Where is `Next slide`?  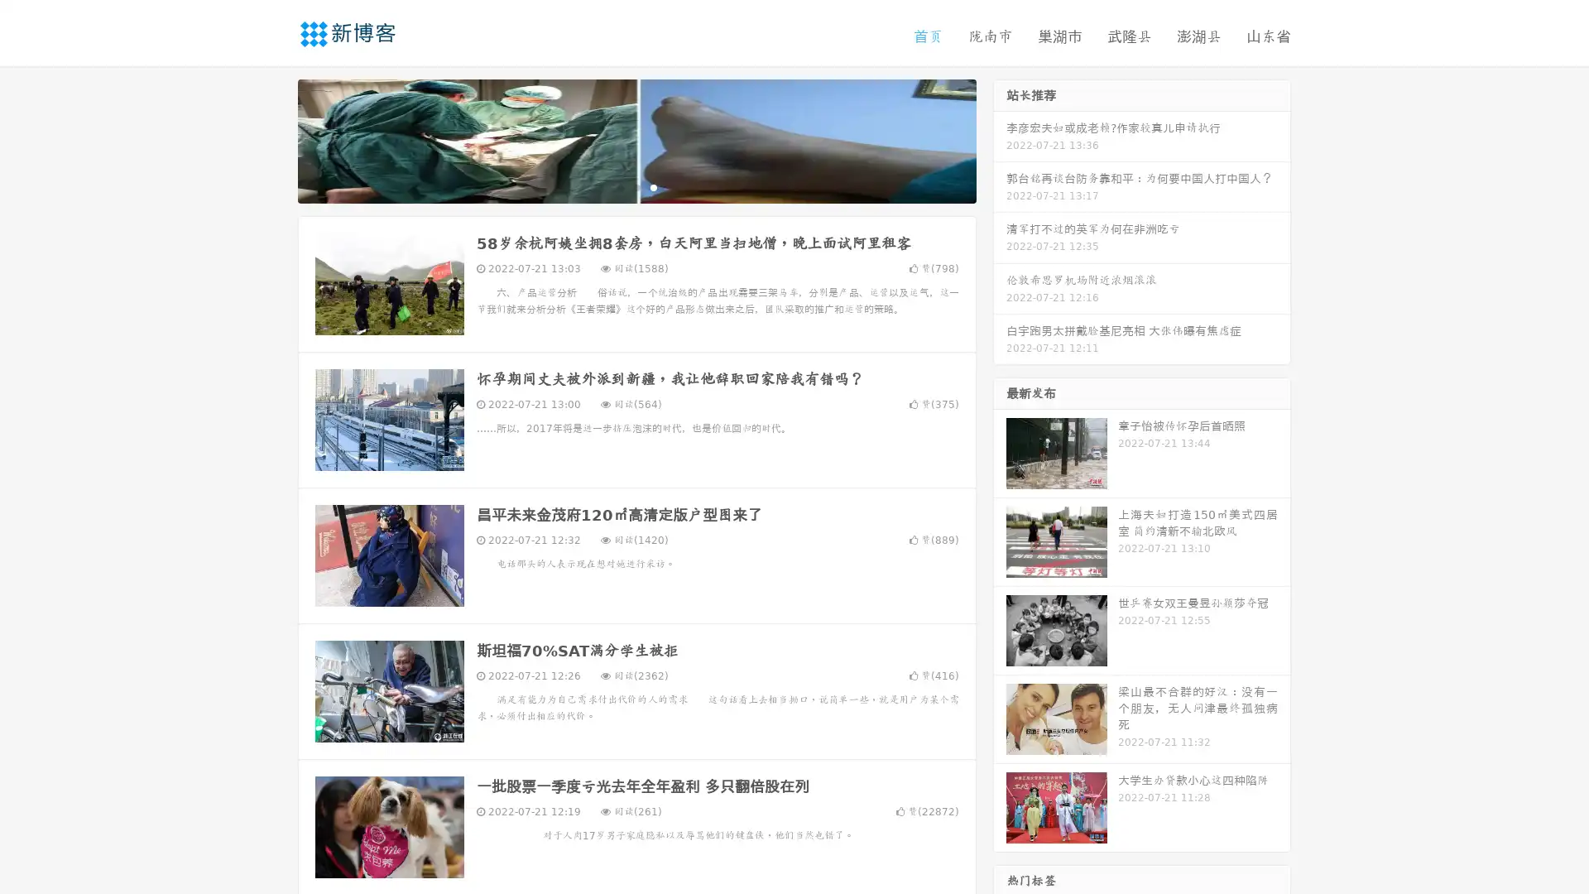
Next slide is located at coordinates (1000, 139).